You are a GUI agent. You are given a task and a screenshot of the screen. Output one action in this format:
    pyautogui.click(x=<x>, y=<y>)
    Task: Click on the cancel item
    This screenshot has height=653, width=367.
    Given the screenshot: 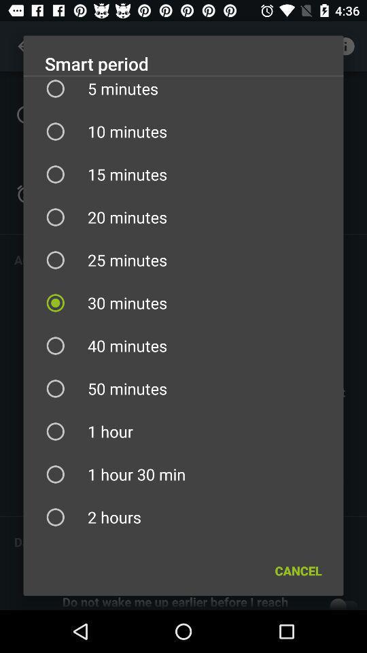 What is the action you would take?
    pyautogui.click(x=298, y=571)
    